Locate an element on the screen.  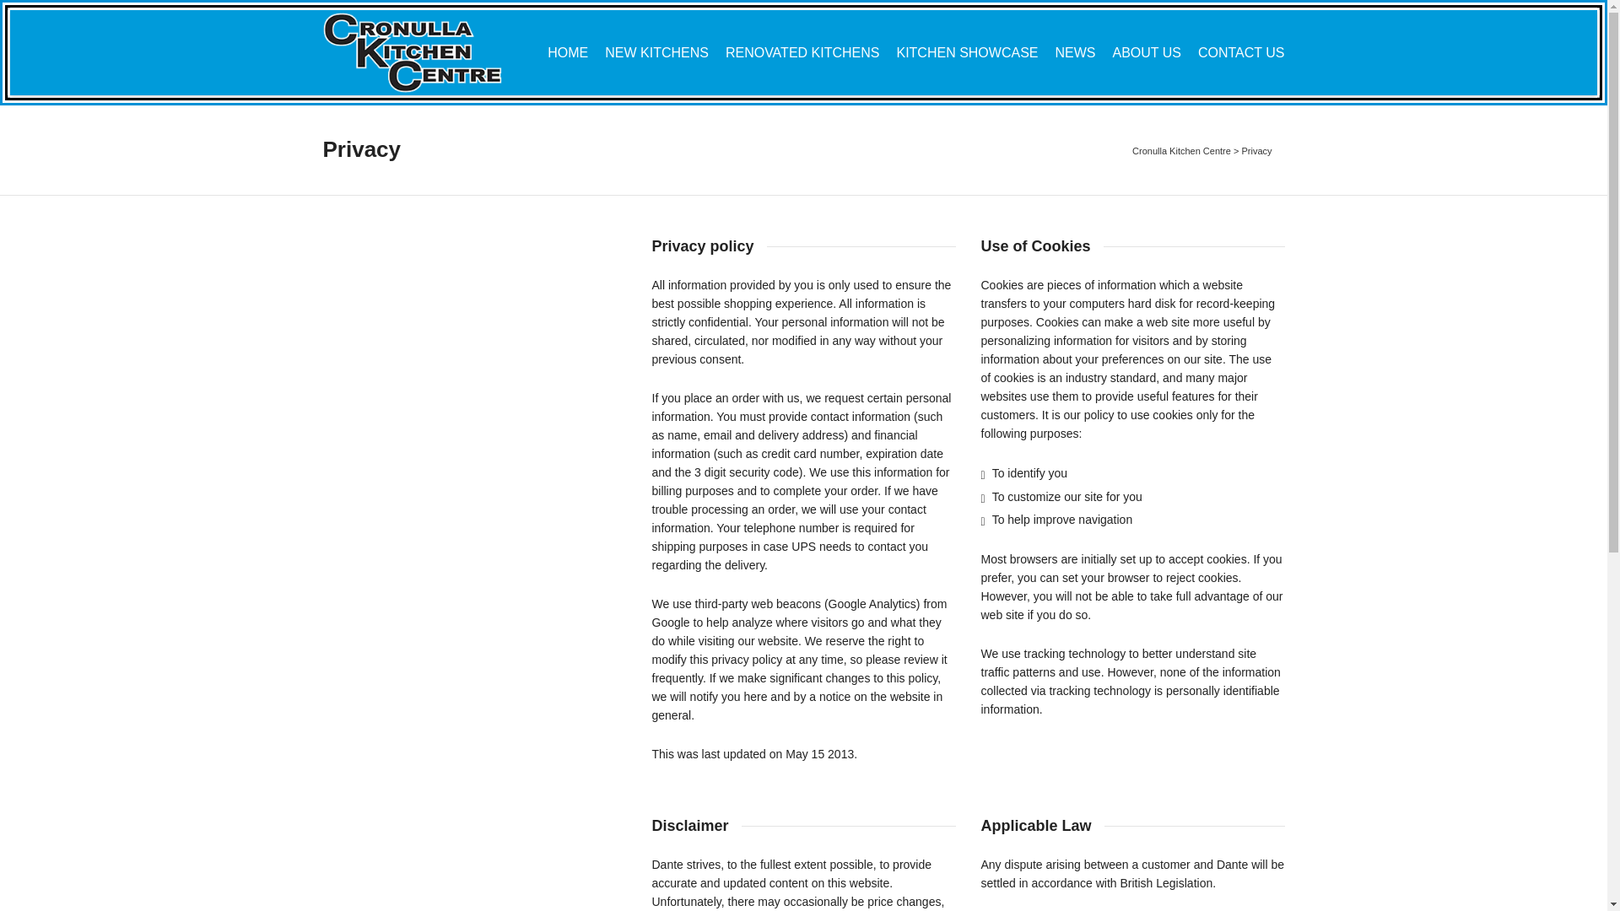
'ABOUT US' is located at coordinates (1146, 53).